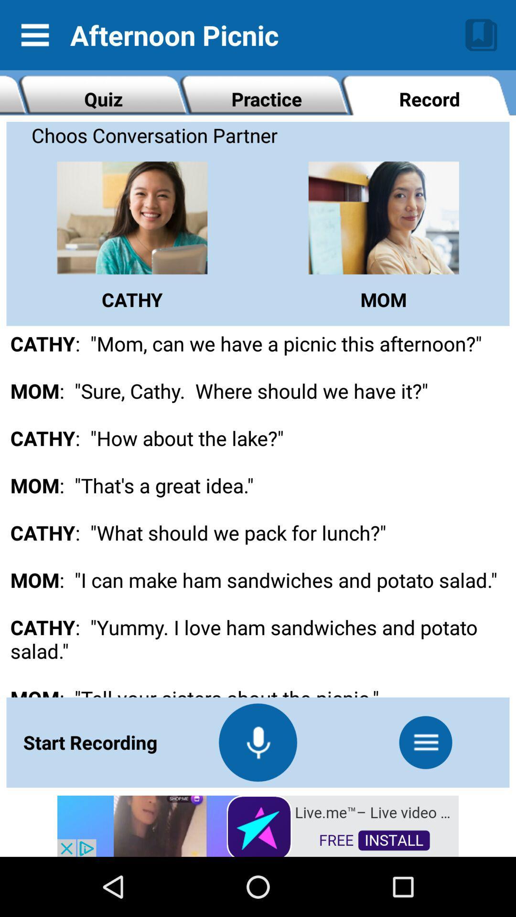 Image resolution: width=516 pixels, height=917 pixels. What do you see at coordinates (258, 742) in the screenshot?
I see `recorder icon` at bounding box center [258, 742].